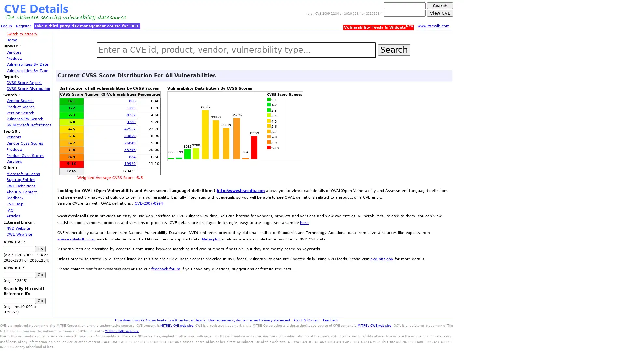 The width and height of the screenshot is (625, 351). Describe the element at coordinates (40, 249) in the screenshot. I see `Go` at that location.